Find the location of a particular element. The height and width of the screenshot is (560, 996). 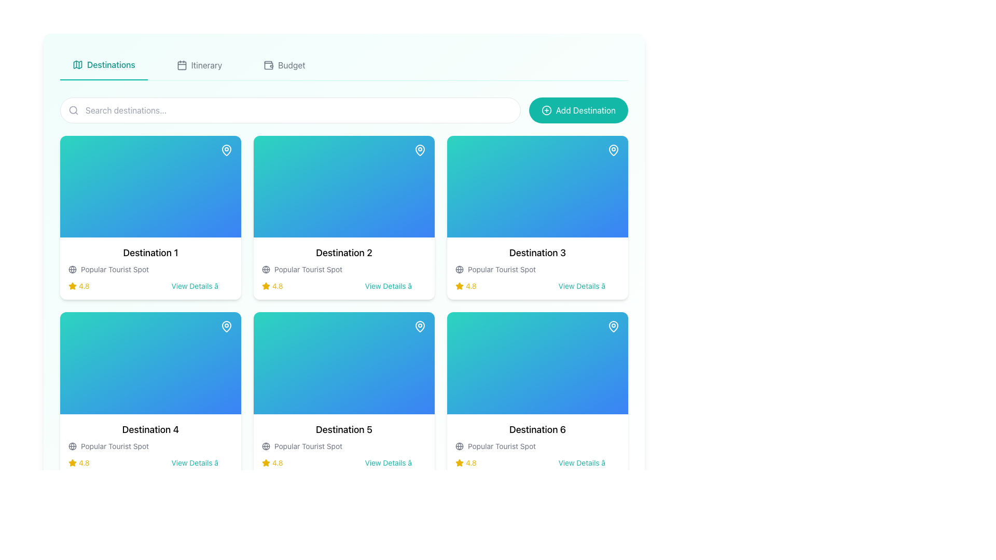

the card element representing 'Destination 3' in the gallery to observe the details about it is located at coordinates (537, 217).